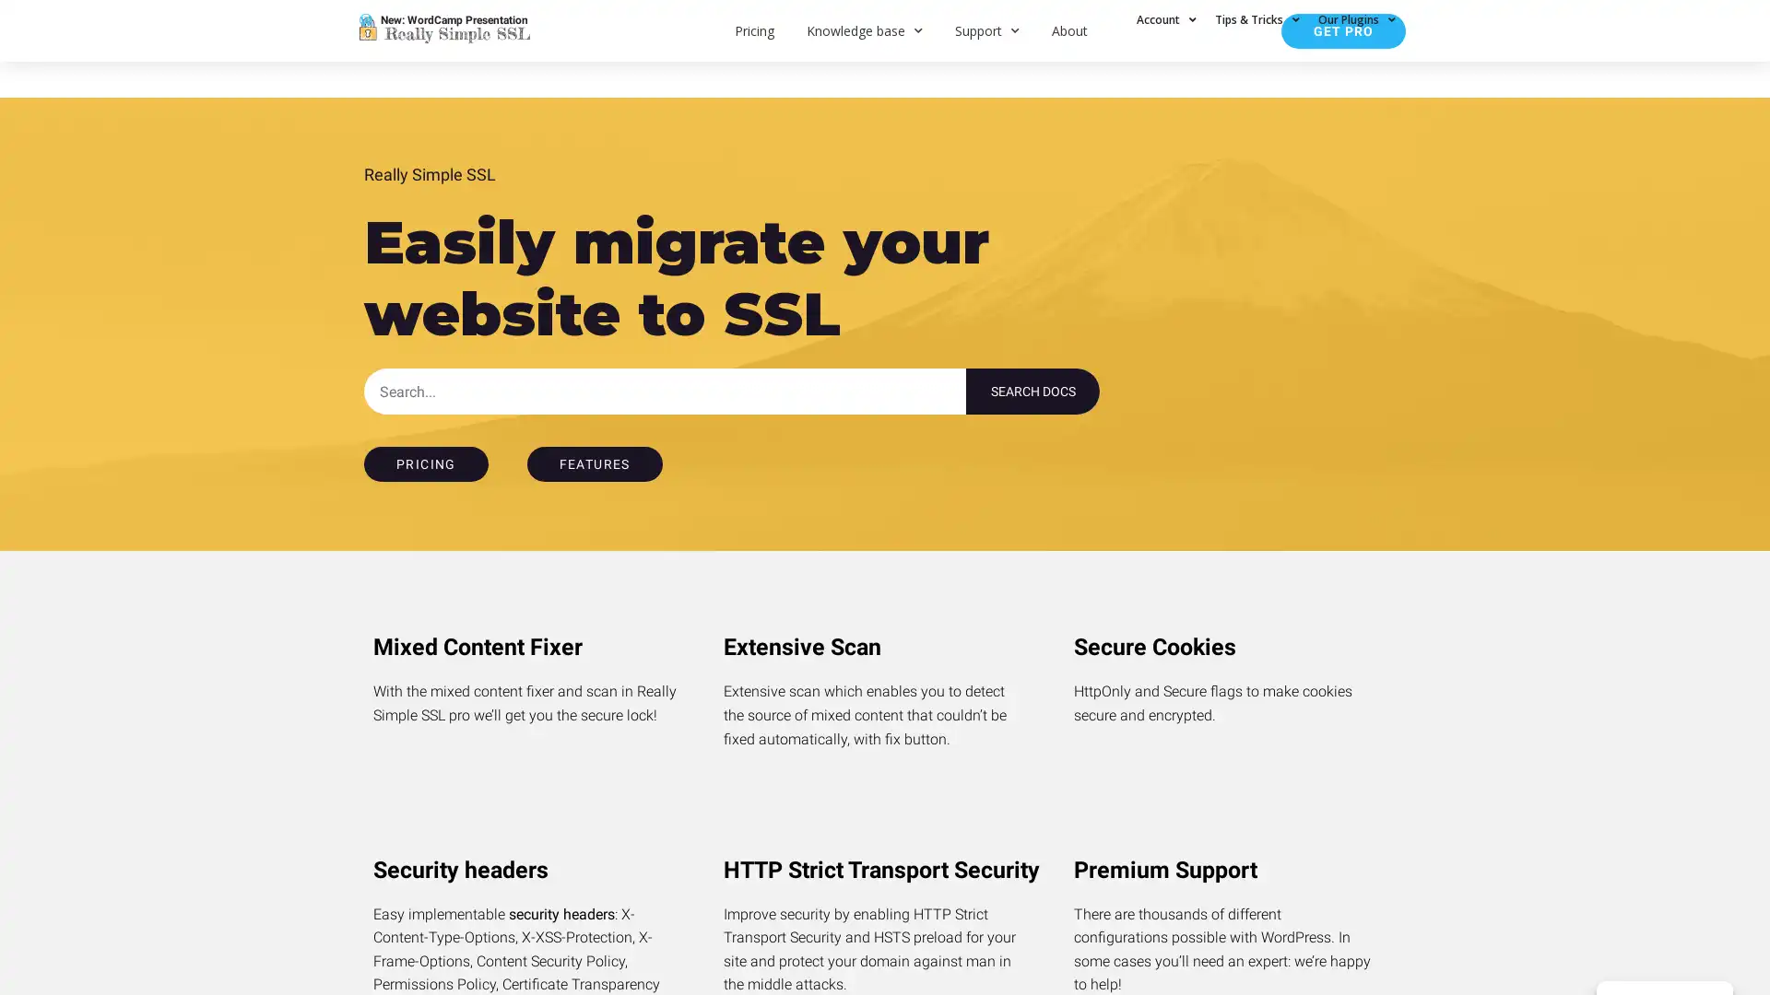 Image resolution: width=1770 pixels, height=995 pixels. What do you see at coordinates (424, 463) in the screenshot?
I see `PRICING` at bounding box center [424, 463].